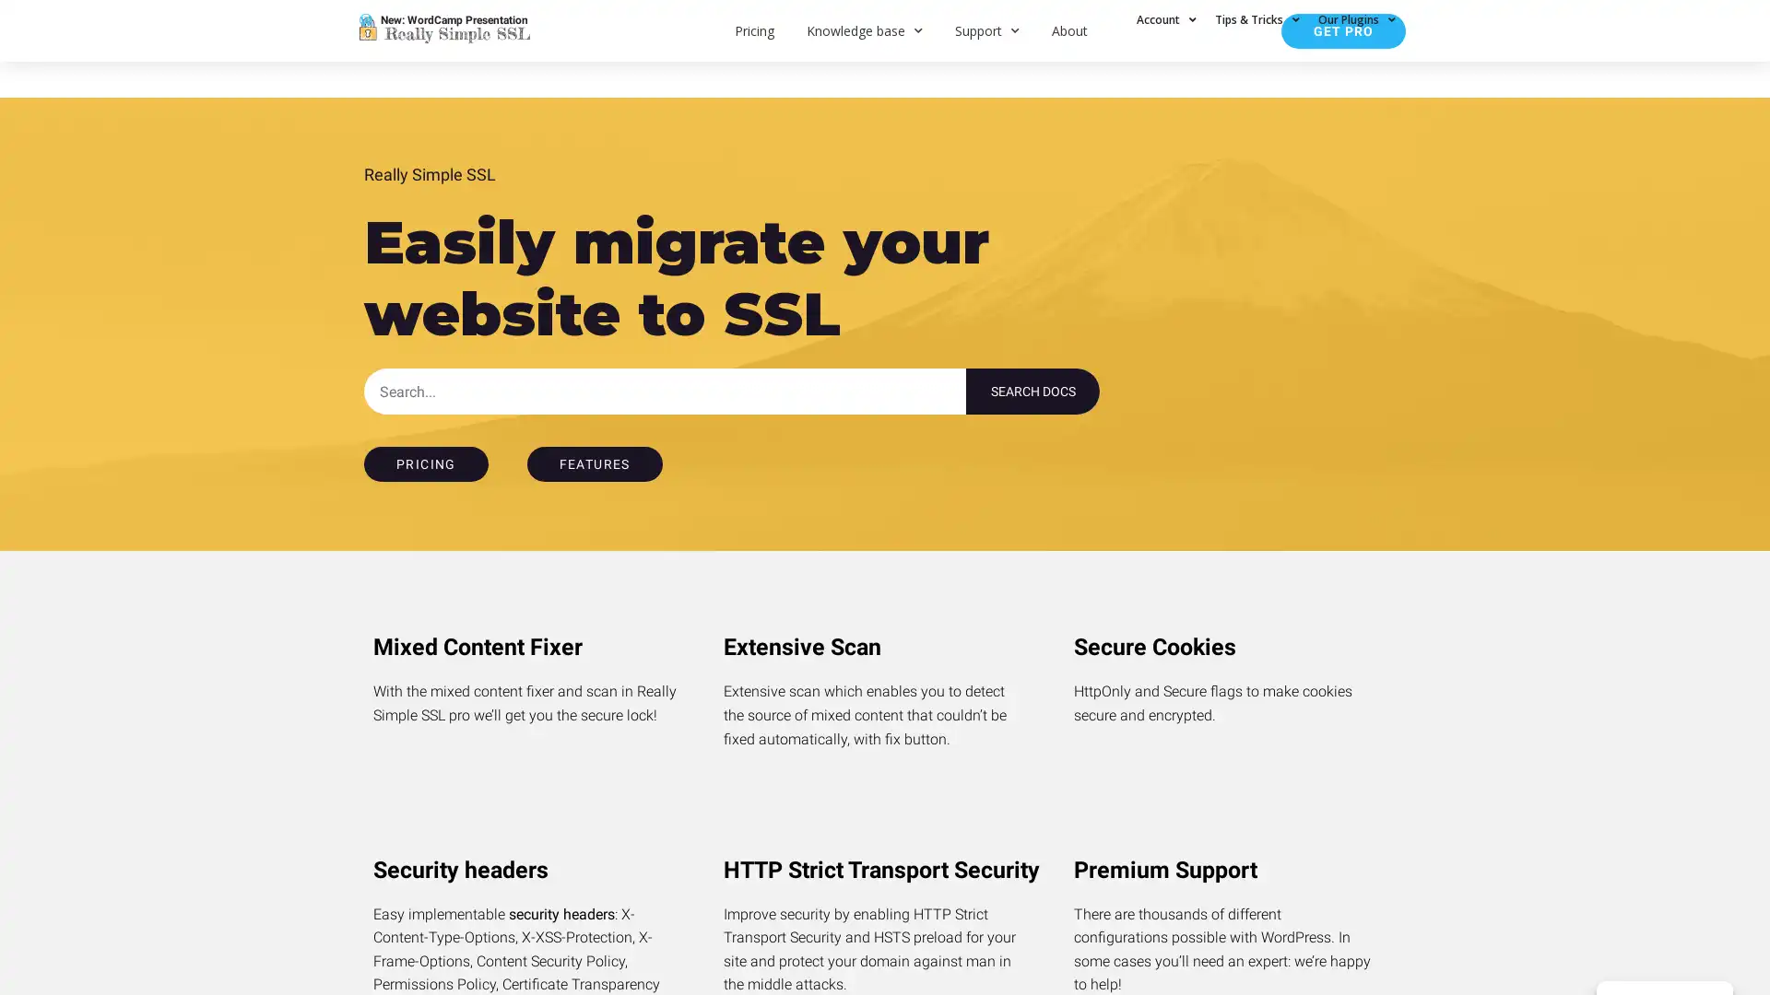 Image resolution: width=1770 pixels, height=995 pixels. What do you see at coordinates (424, 463) in the screenshot?
I see `PRICING` at bounding box center [424, 463].